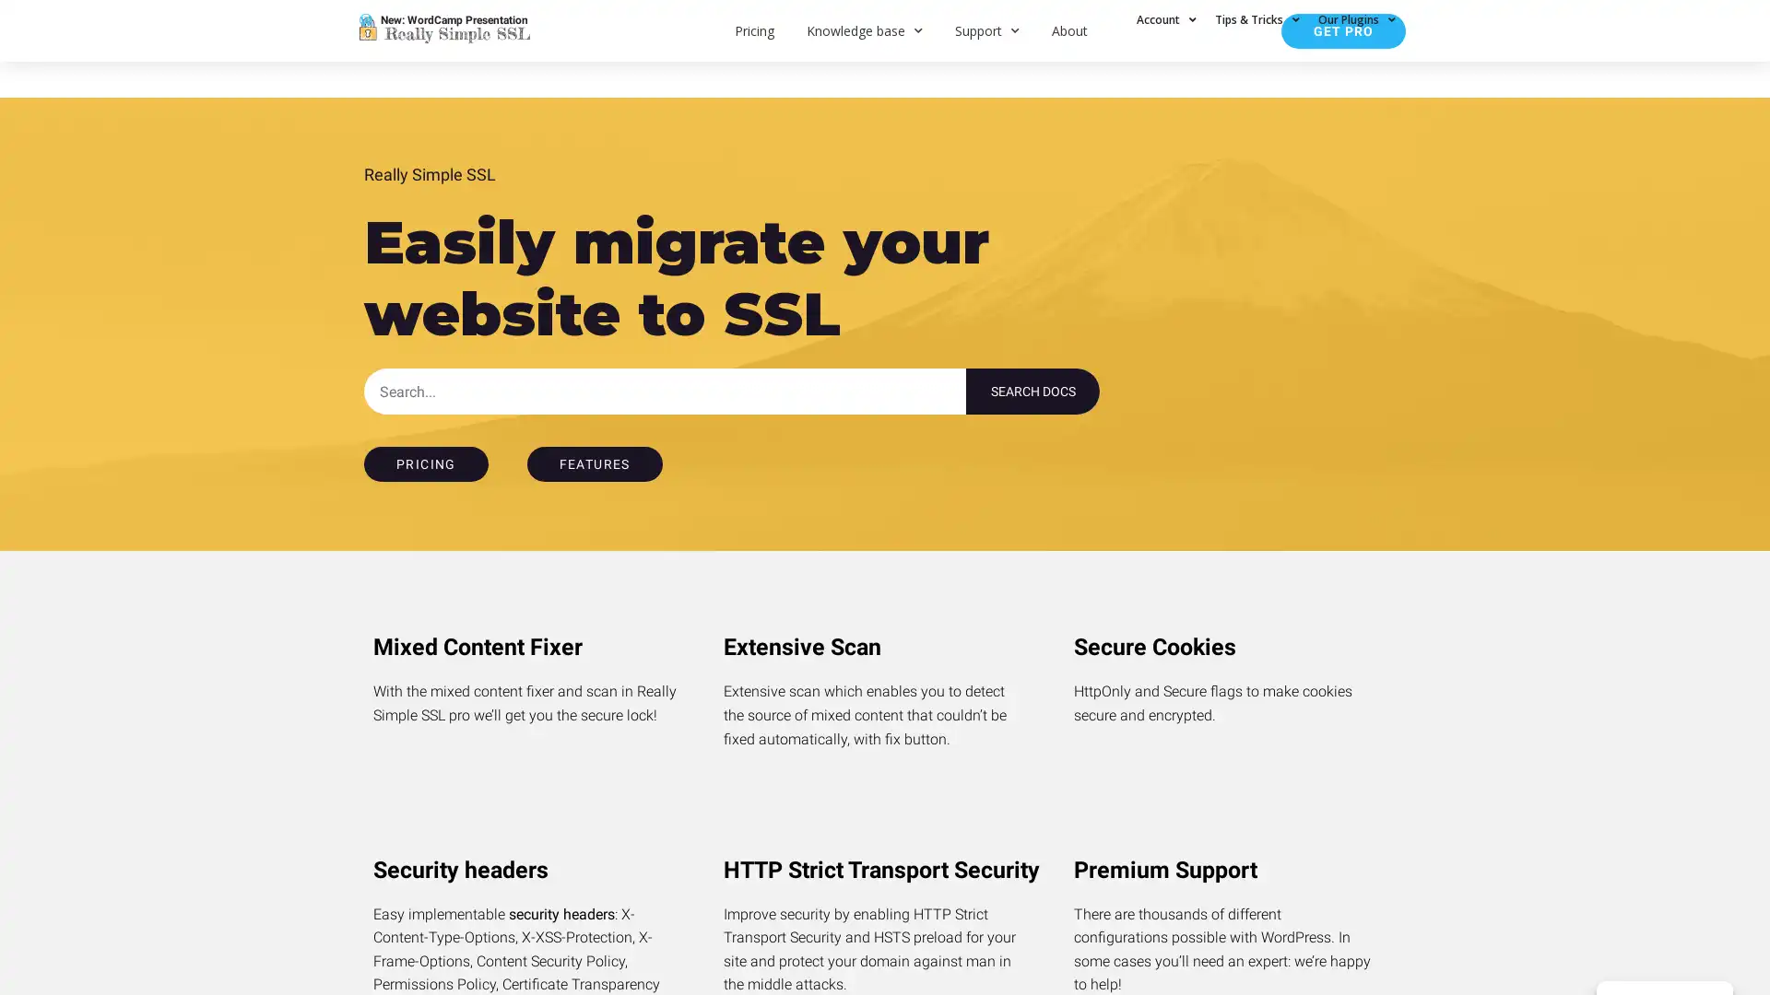 Image resolution: width=1770 pixels, height=995 pixels. What do you see at coordinates (424, 463) in the screenshot?
I see `PRICING` at bounding box center [424, 463].